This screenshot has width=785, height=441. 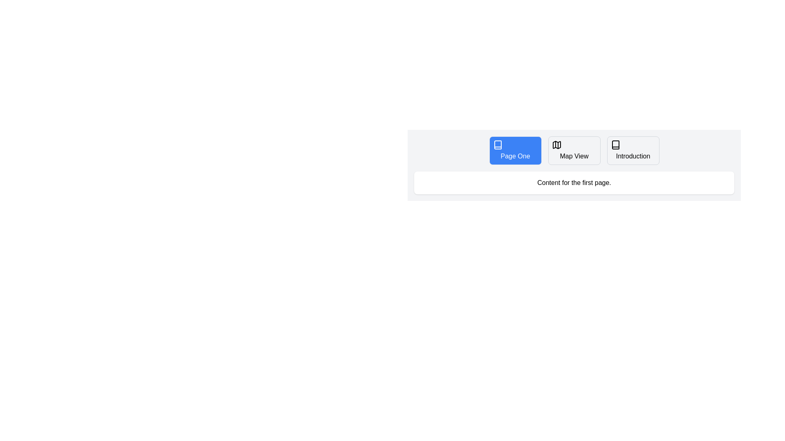 What do you see at coordinates (497, 144) in the screenshot?
I see `the book icon that represents the 'Page One' option, which is centered on a blue button labeled 'Page One'` at bounding box center [497, 144].